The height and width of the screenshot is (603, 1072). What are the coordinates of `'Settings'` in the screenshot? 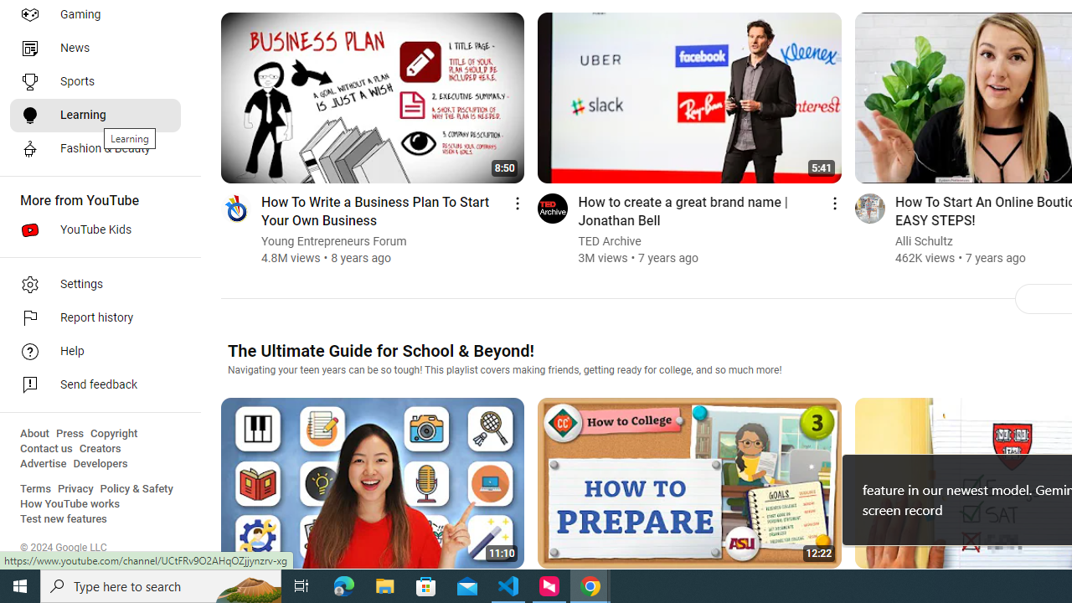 It's located at (94, 283).